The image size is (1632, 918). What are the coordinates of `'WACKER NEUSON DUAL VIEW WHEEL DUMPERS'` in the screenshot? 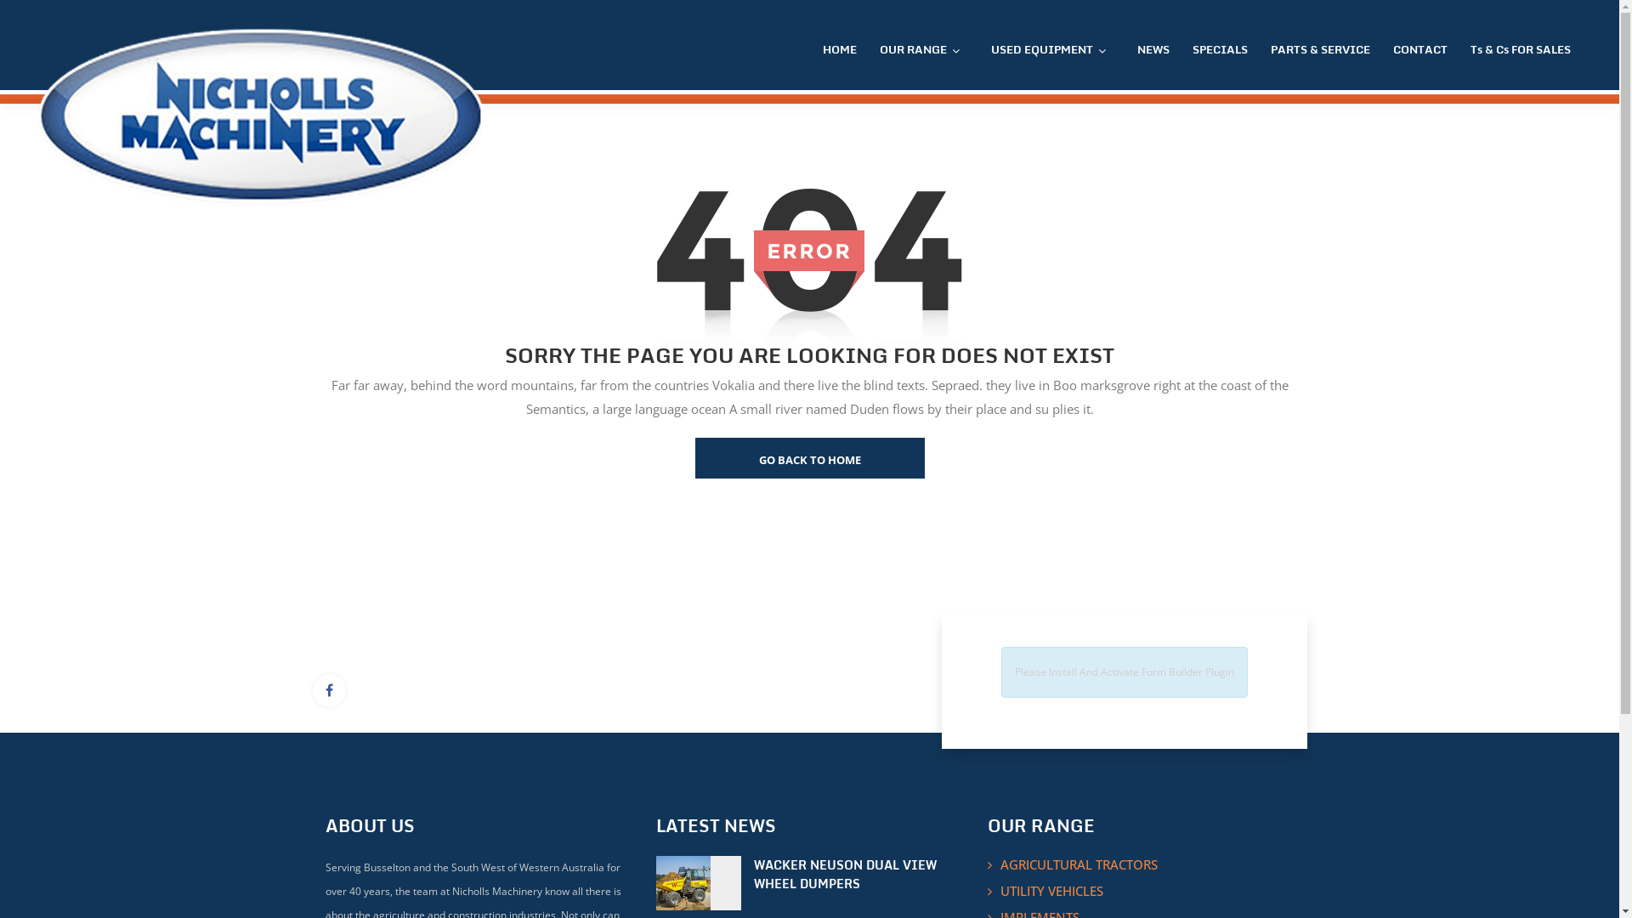 It's located at (753, 875).